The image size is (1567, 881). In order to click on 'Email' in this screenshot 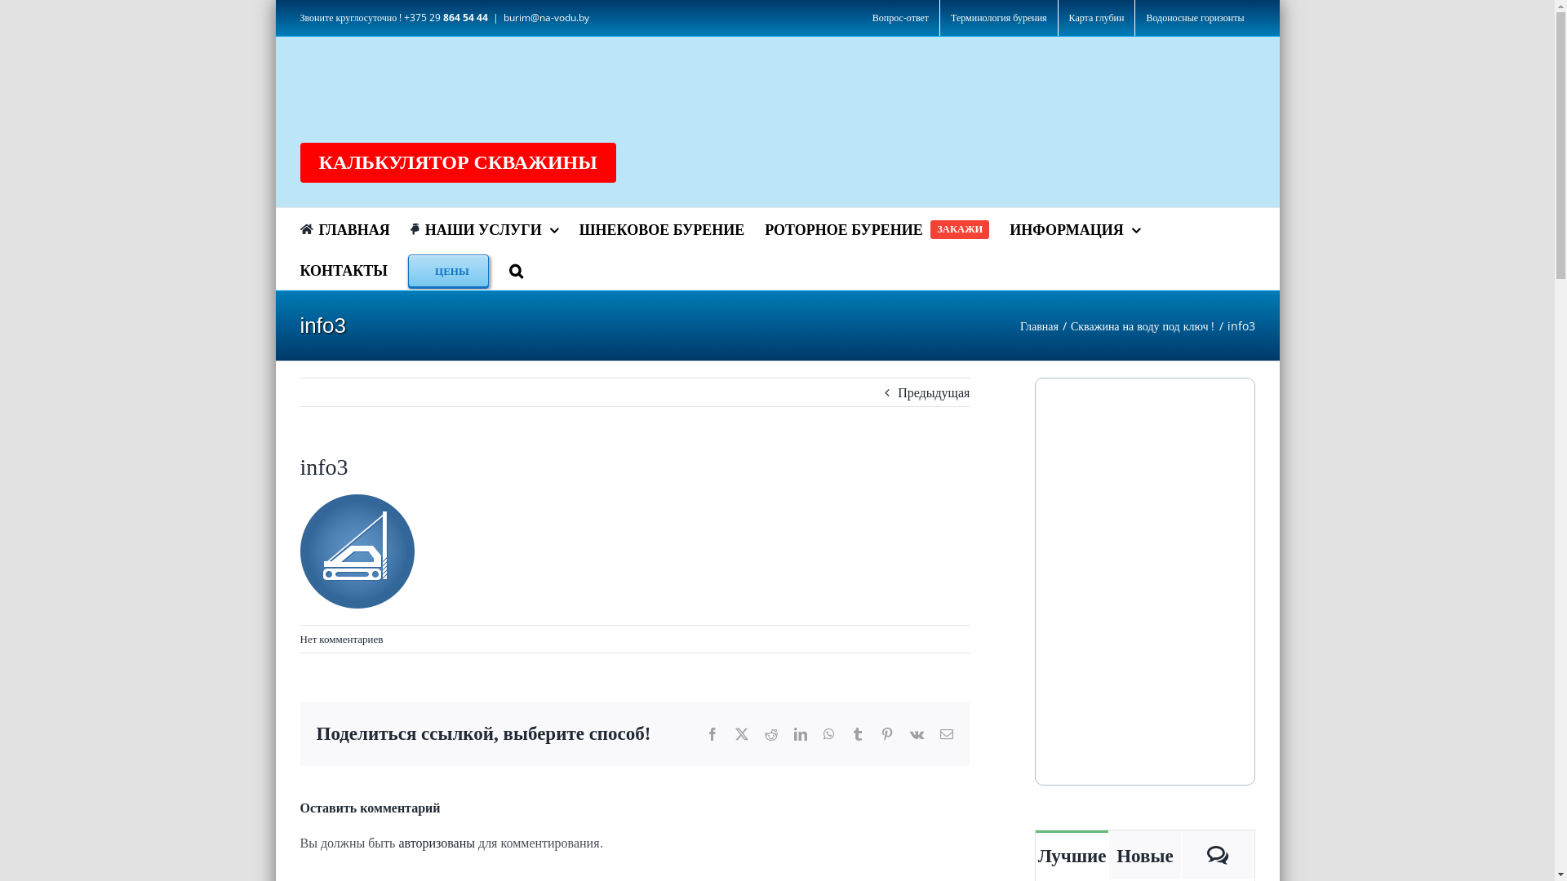, I will do `click(947, 733)`.